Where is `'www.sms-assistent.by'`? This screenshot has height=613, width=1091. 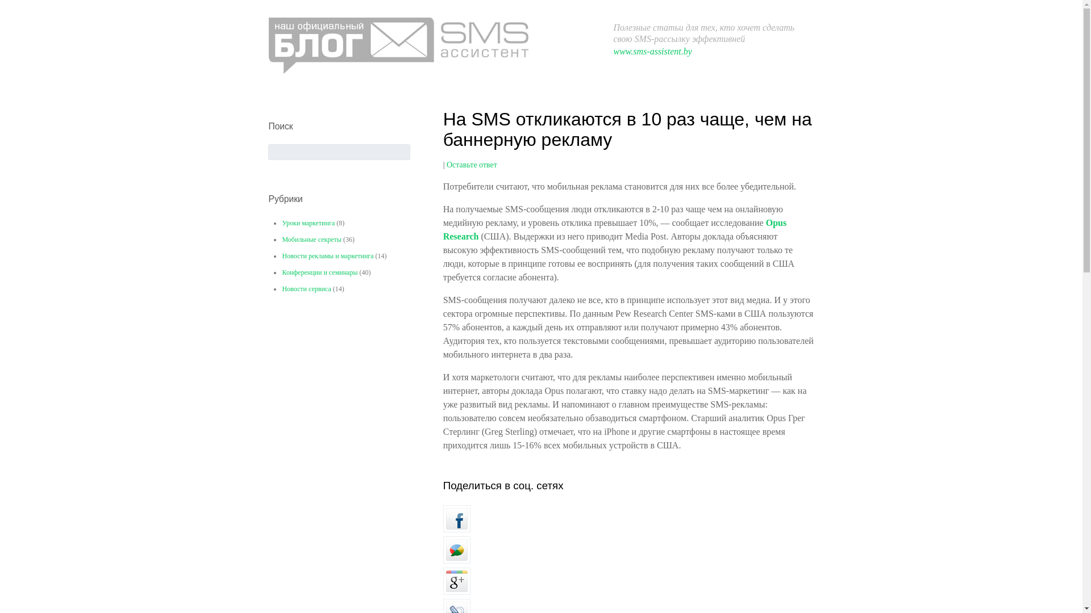 'www.sms-assistent.by' is located at coordinates (652, 51).